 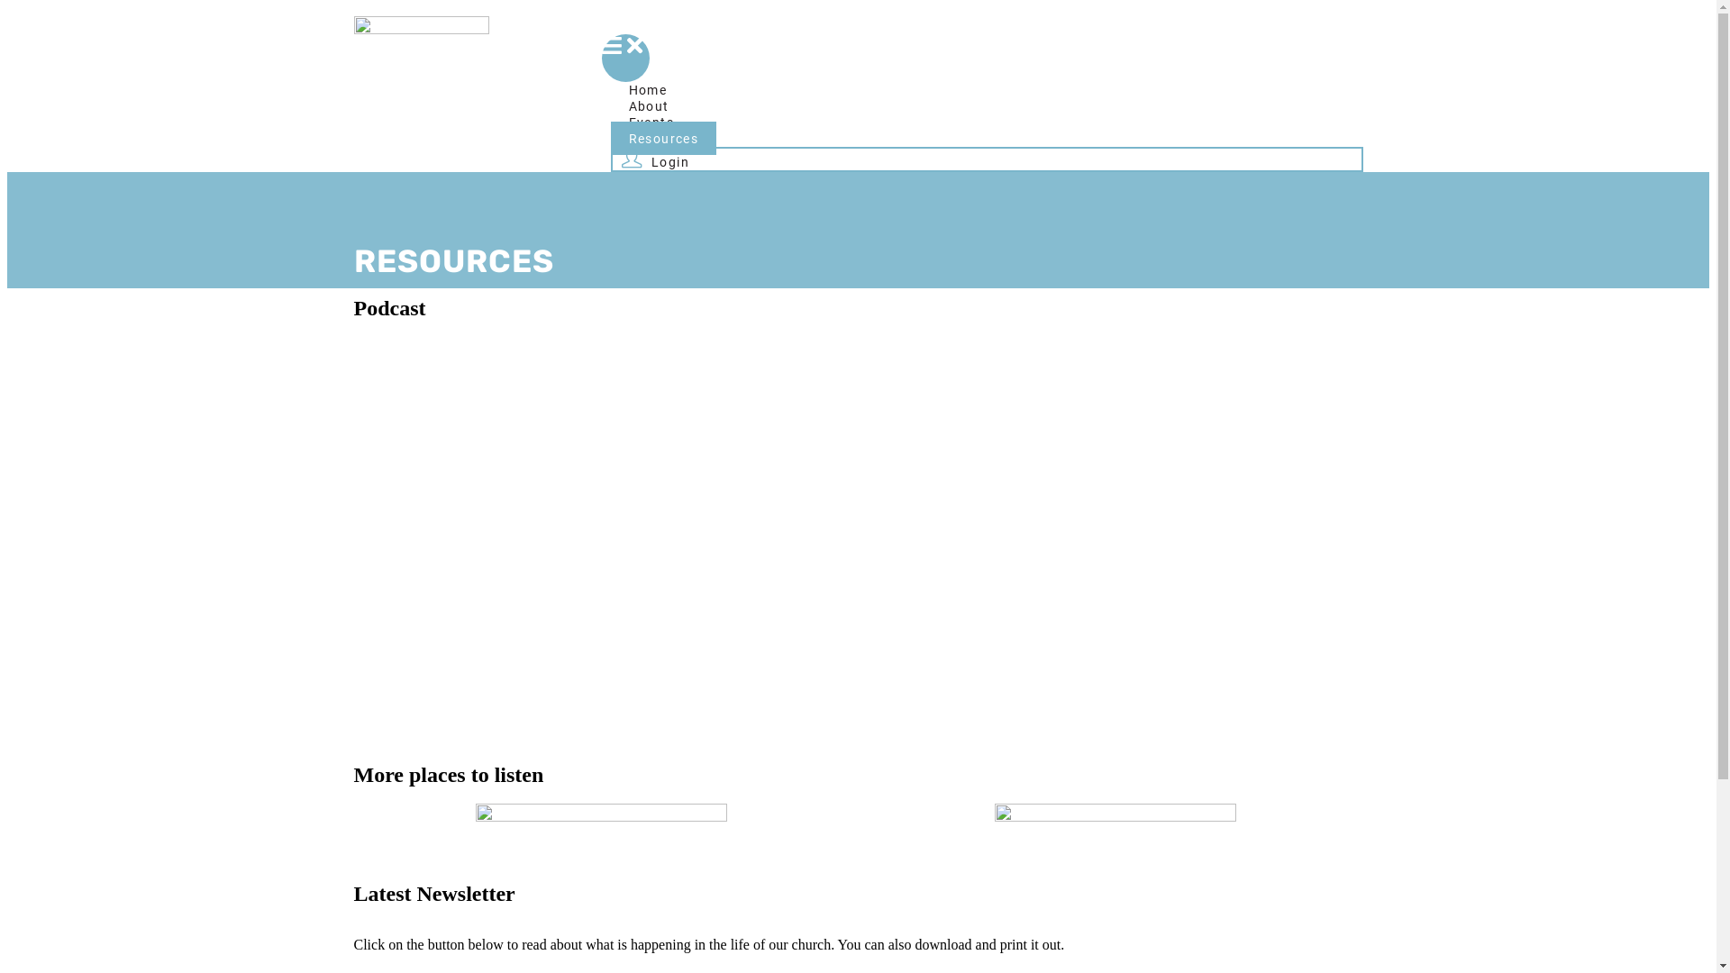 What do you see at coordinates (651, 122) in the screenshot?
I see `'Events'` at bounding box center [651, 122].